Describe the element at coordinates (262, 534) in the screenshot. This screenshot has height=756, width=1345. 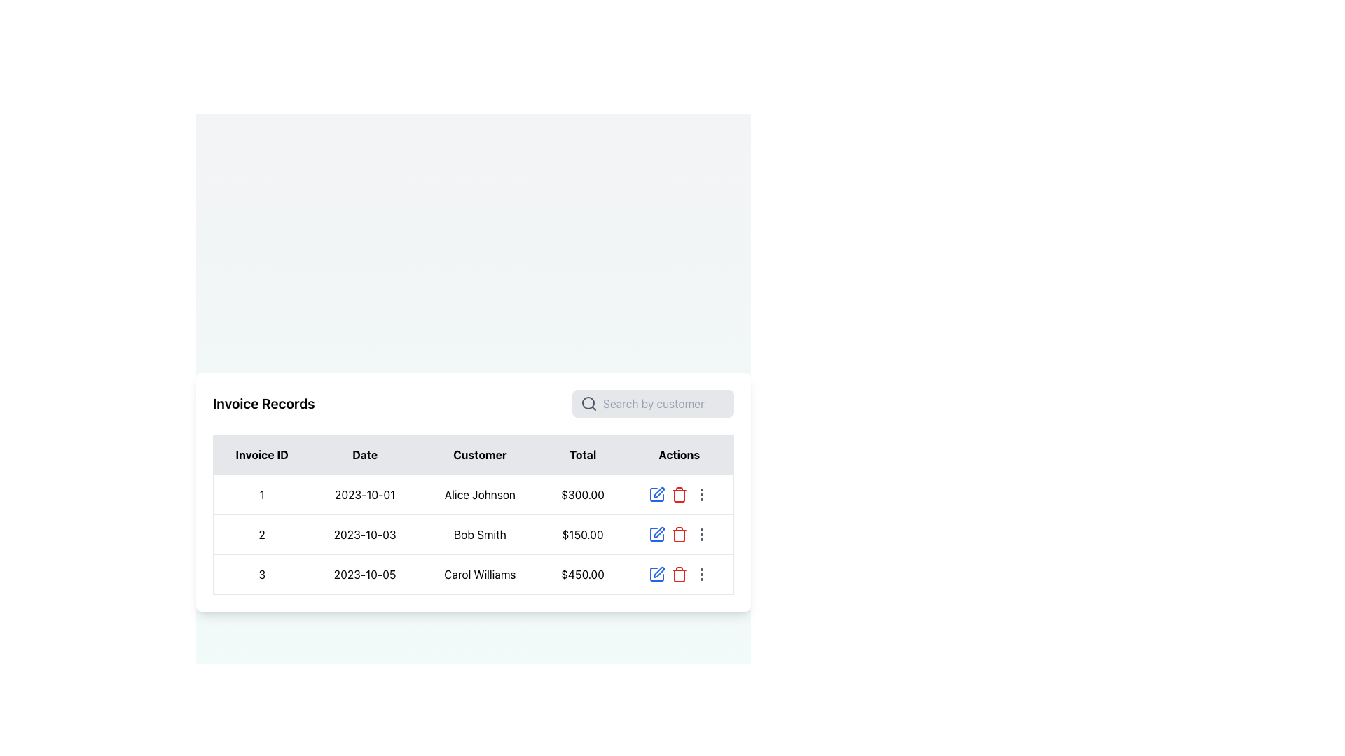
I see `the Text label displaying the invoice identifier for 'Bob Smith' located in the second row of the table under the 'Invoice ID' column, to the left of the date '2023-10-03'` at that location.